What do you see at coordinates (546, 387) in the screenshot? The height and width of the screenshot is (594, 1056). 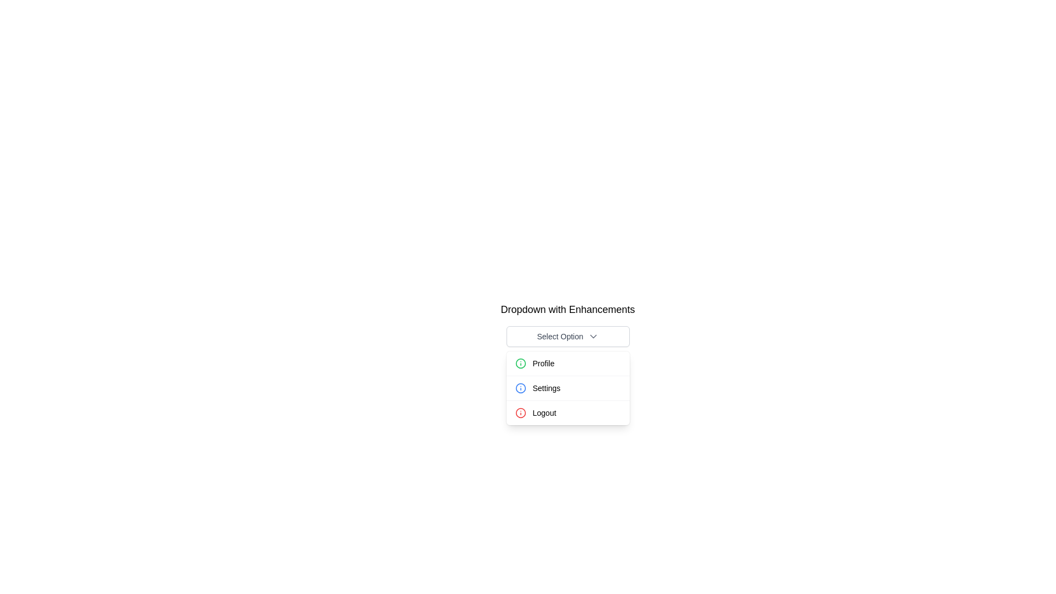 I see `the second item in the vertically-arranged menu list that serves as a label for accessing settings` at bounding box center [546, 387].